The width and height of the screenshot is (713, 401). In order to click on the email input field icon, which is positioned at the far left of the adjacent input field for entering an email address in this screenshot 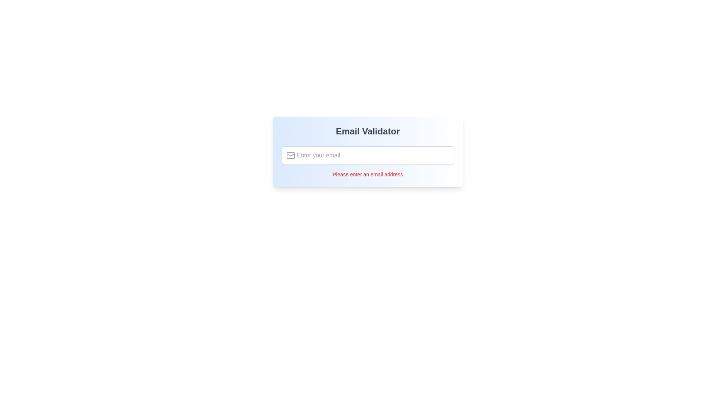, I will do `click(290, 155)`.